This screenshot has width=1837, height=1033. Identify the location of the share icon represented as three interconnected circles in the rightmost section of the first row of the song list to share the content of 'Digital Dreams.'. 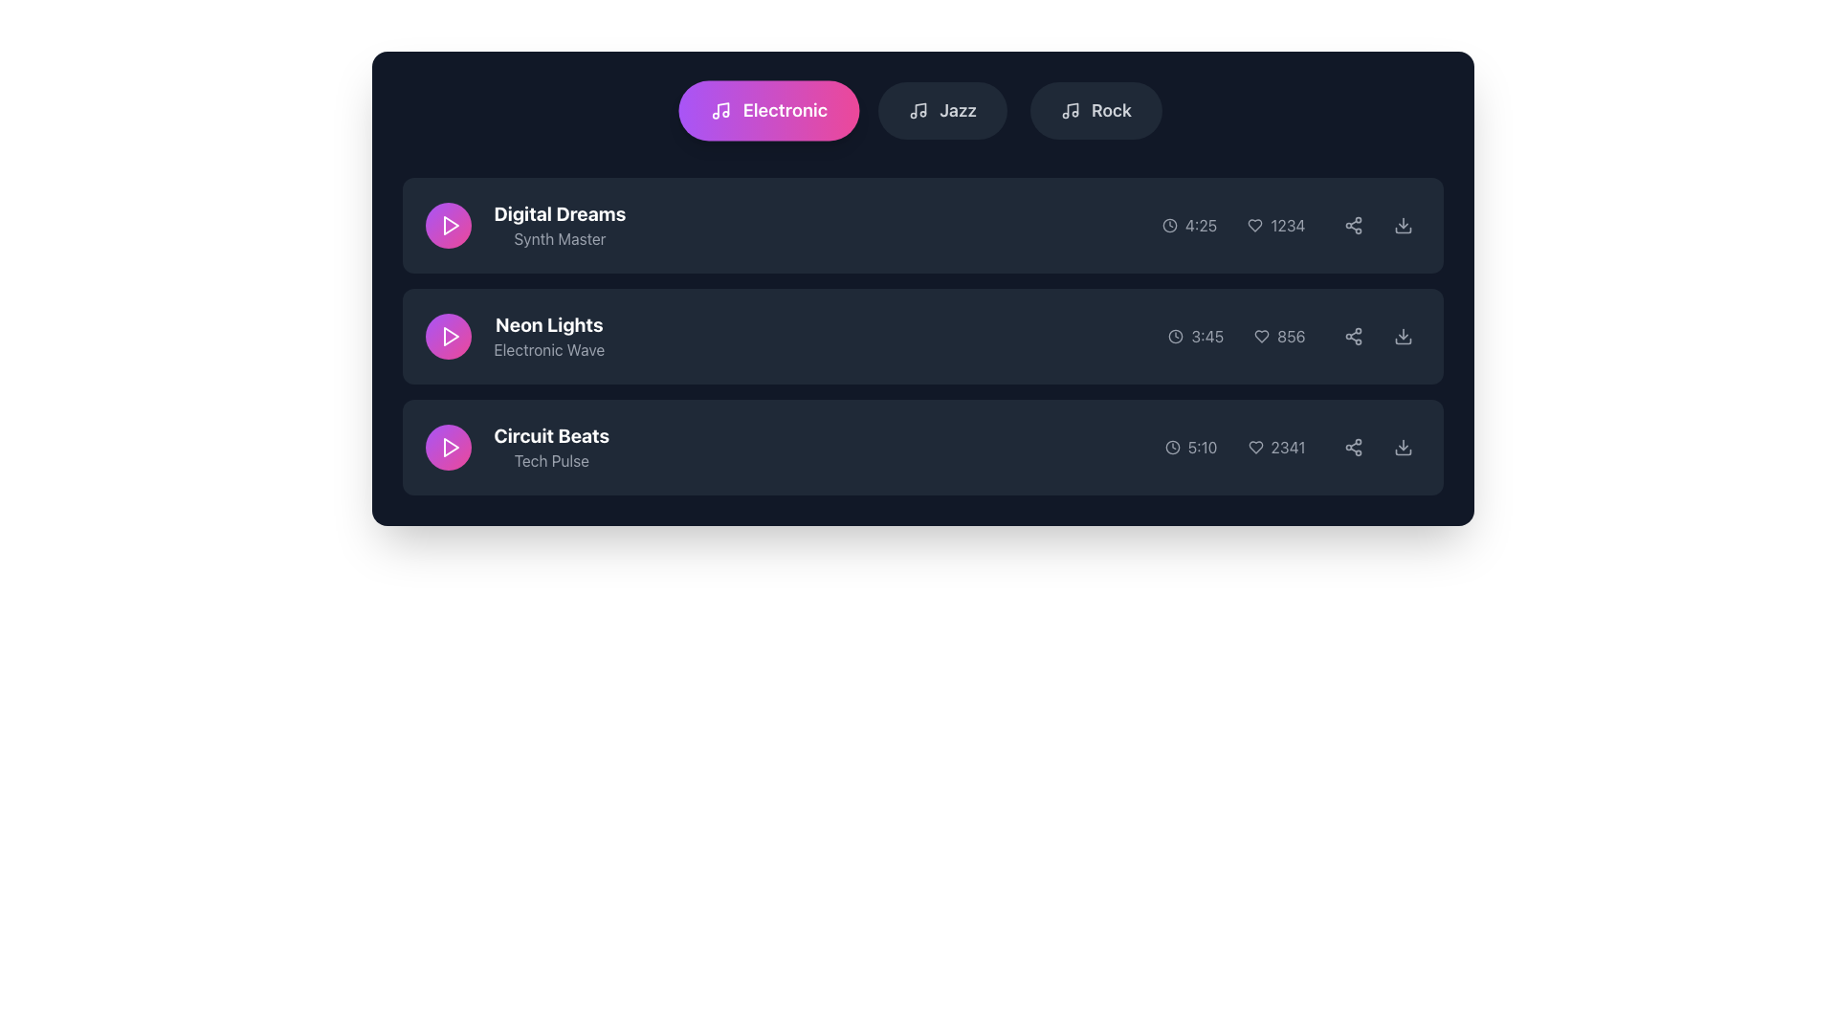
(1352, 224).